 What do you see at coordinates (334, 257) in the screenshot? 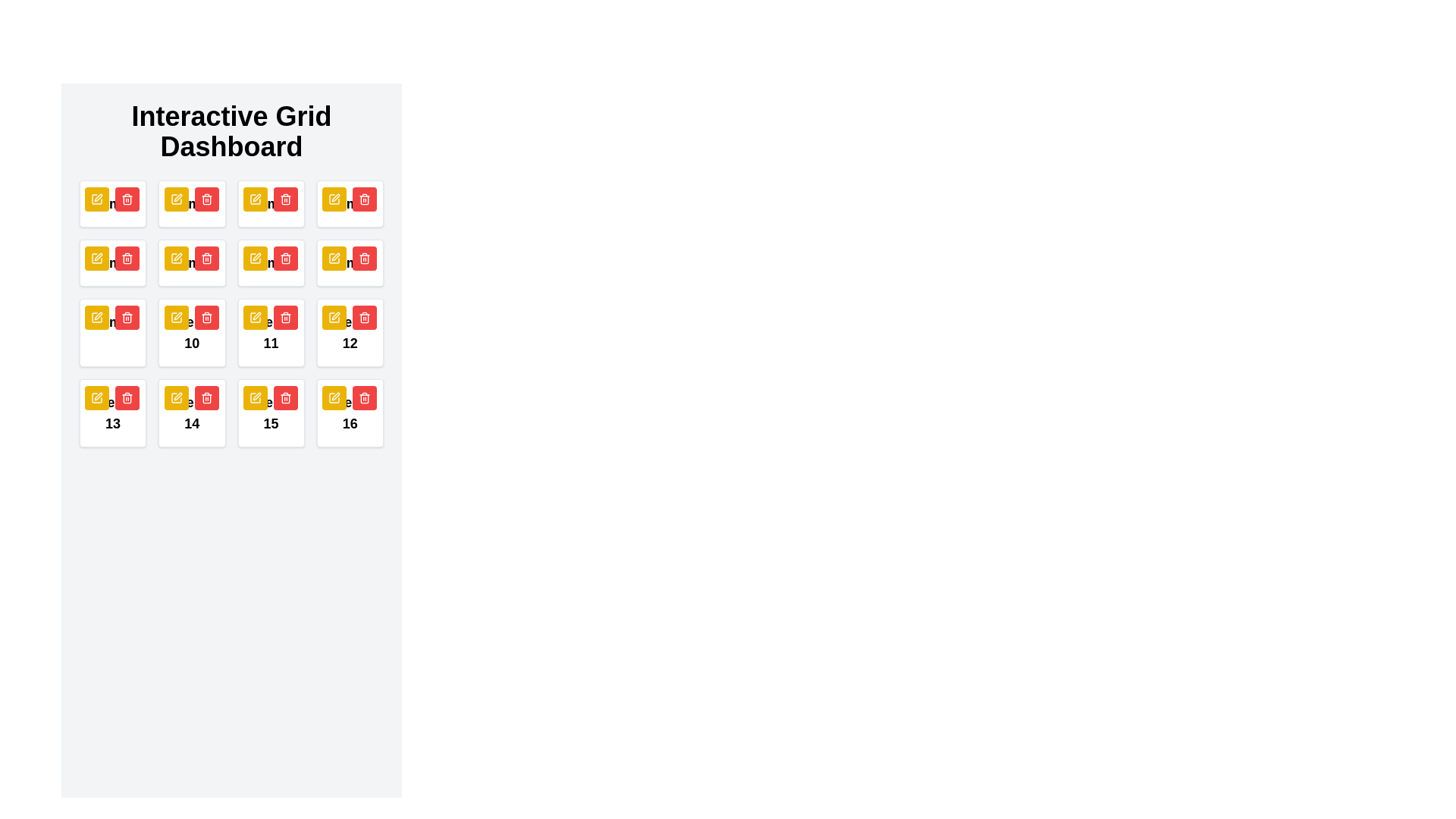
I see `the leftmost button in the top-right corner of the fifth card in the grid layout` at bounding box center [334, 257].